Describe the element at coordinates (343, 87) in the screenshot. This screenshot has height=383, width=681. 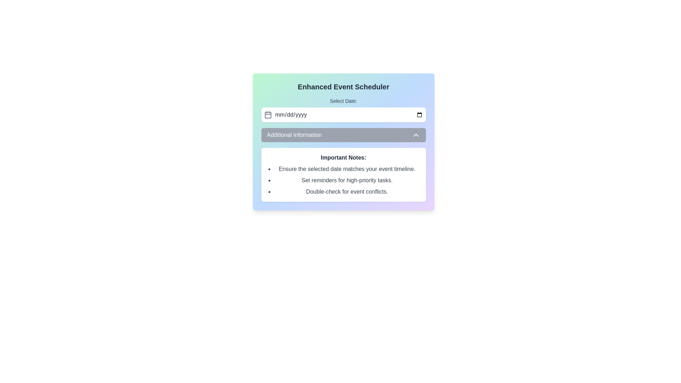
I see `header text 'Enhanced Event Scheduler' displayed in bold black within a pastel-gradient card at the top of the interface` at that location.